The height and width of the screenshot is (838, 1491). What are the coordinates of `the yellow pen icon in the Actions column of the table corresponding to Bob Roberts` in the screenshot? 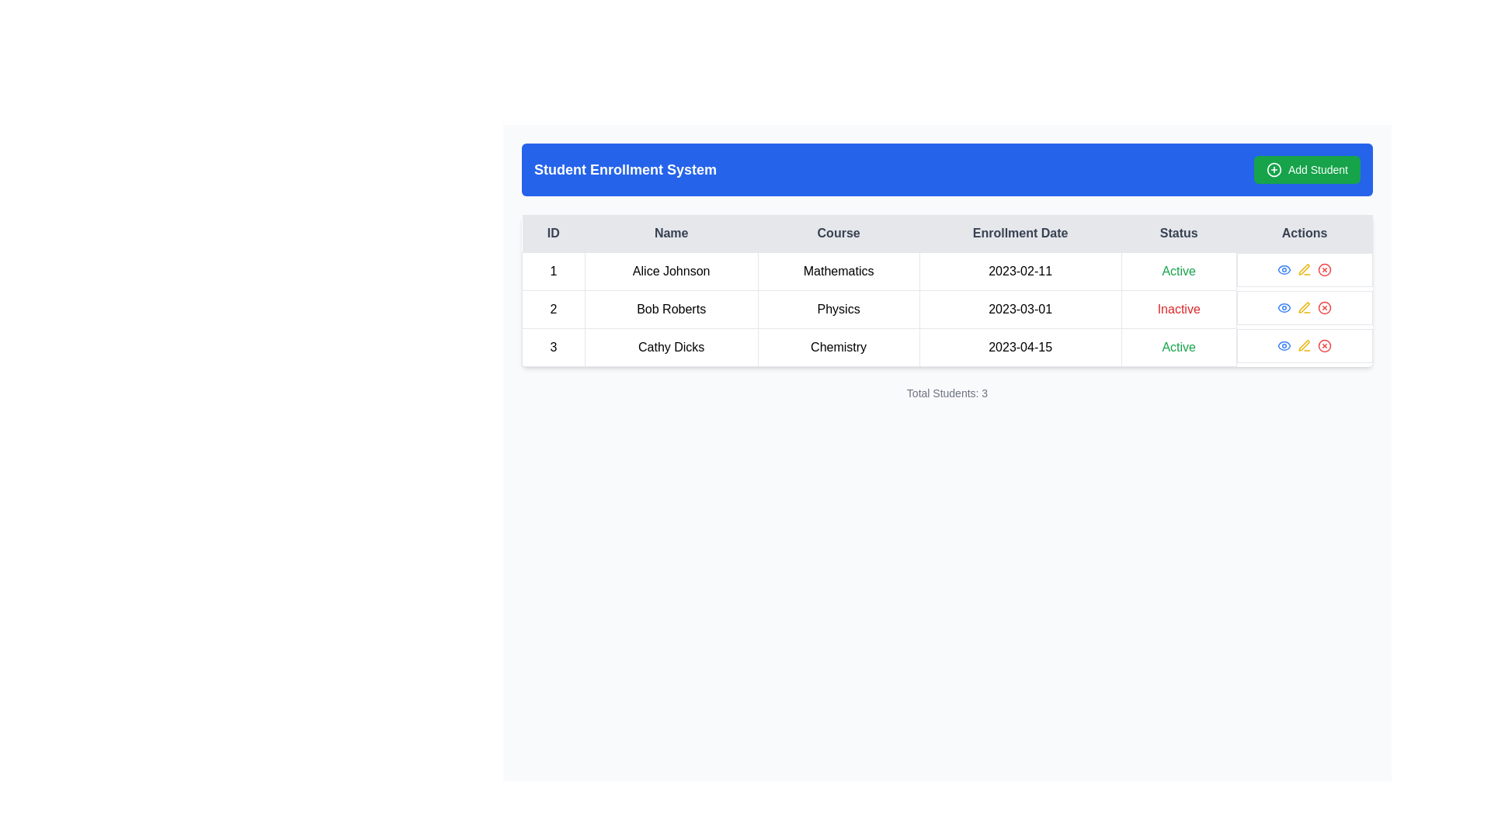 It's located at (1305, 345).